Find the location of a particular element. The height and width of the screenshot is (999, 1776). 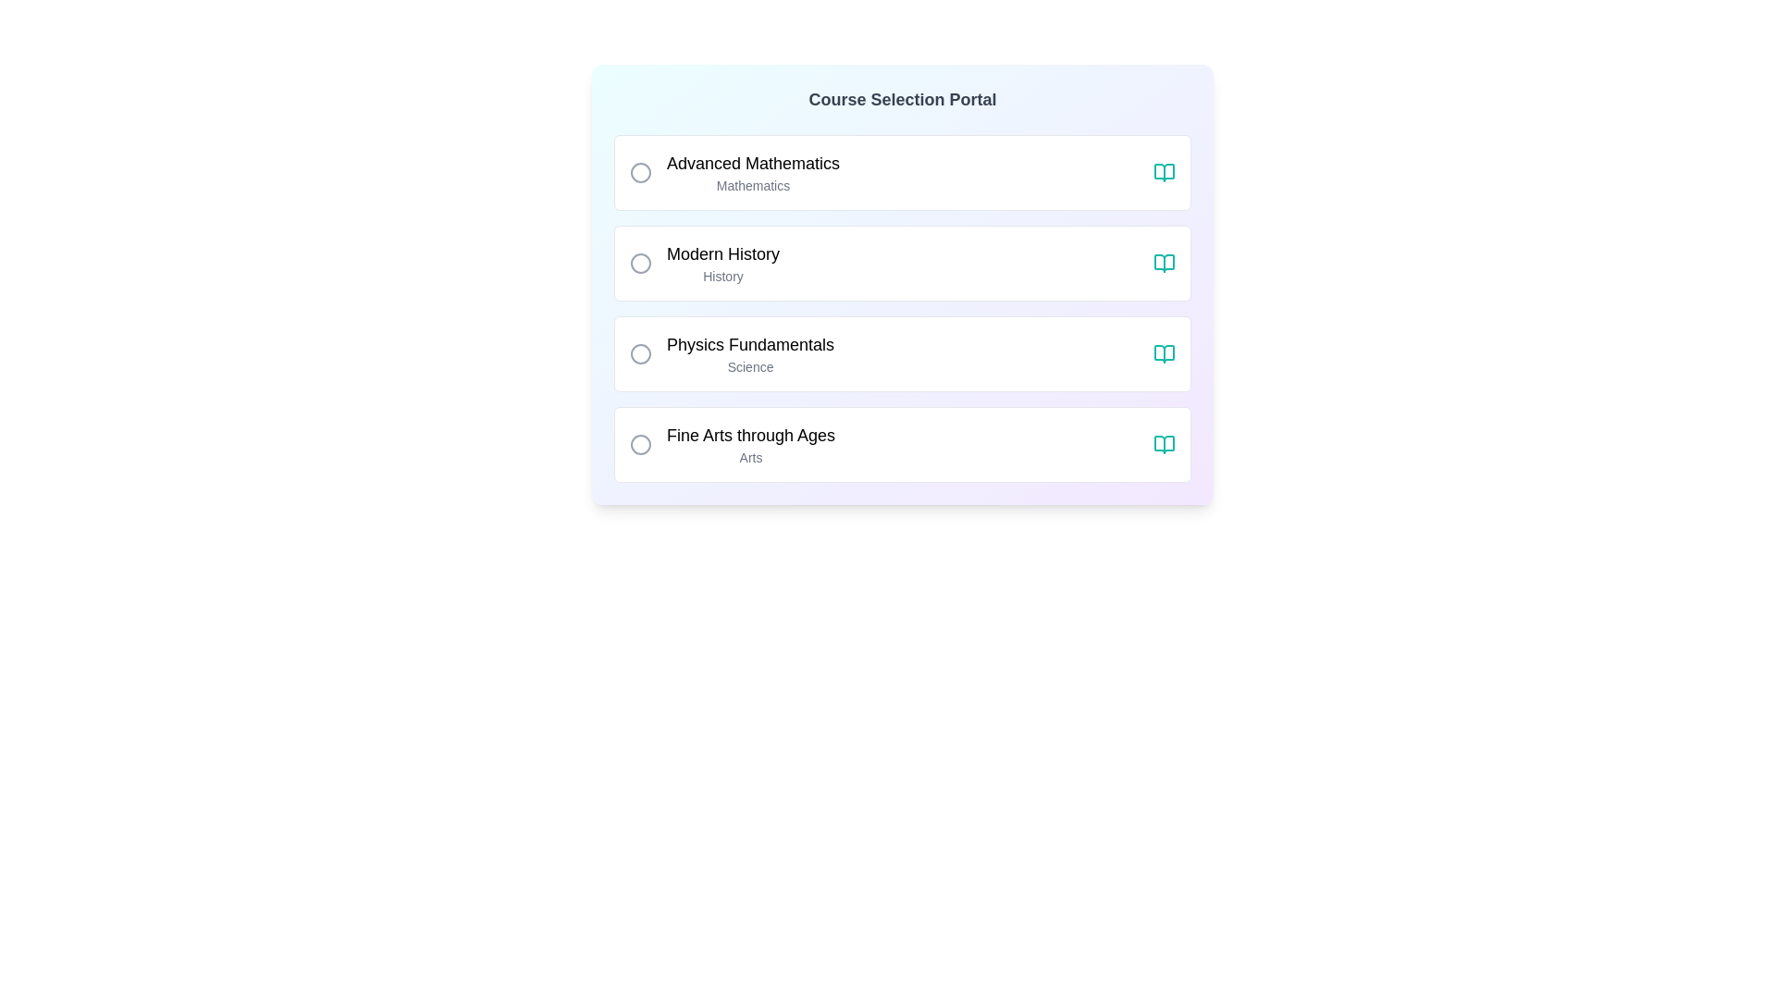

the open book icon located in the bottom-right of the 'Fine Arts through Ages' card, which serves as a visual indicator for additional course information is located at coordinates (1163, 445).